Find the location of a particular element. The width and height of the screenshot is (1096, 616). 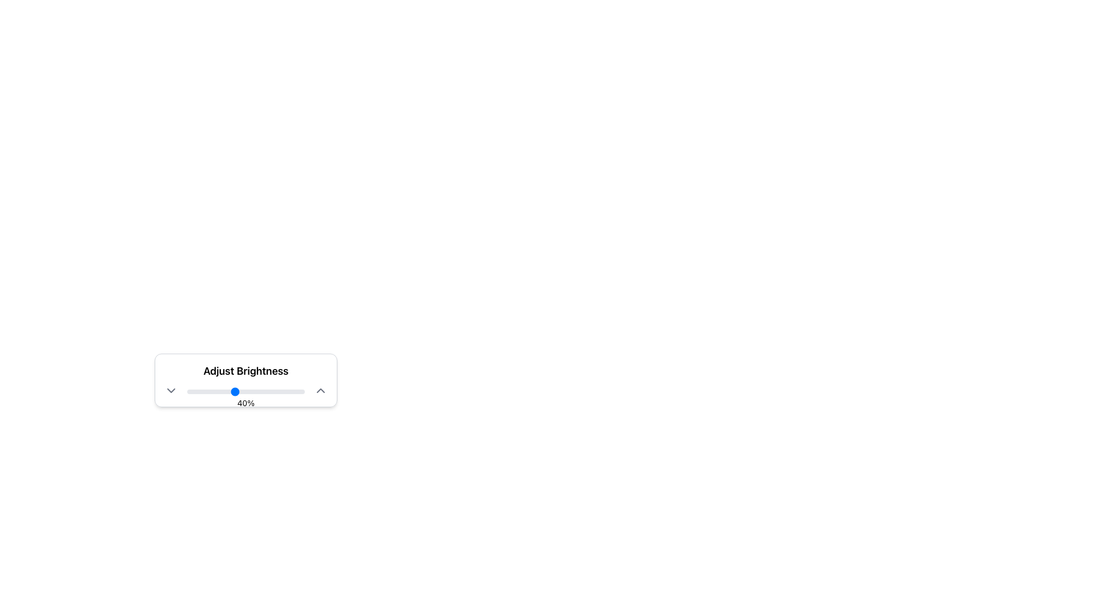

the brightness is located at coordinates (281, 391).